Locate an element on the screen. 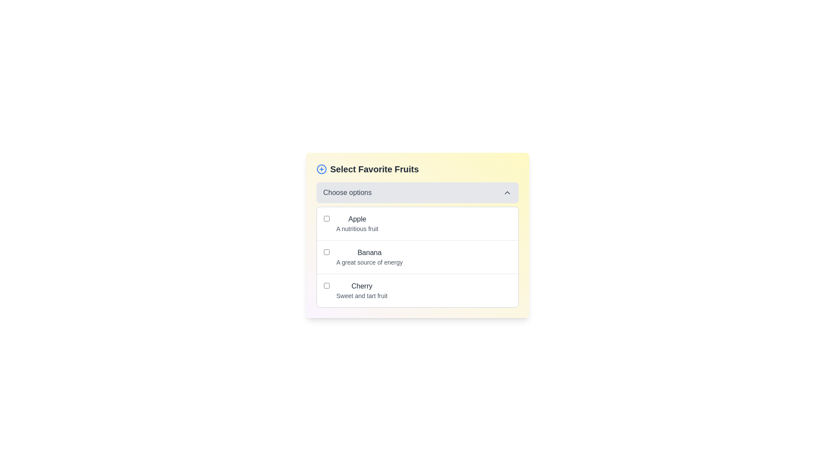 The width and height of the screenshot is (837, 470). the list item containing the checkbox with the title 'Banana' and subtitle 'A great source of energy' is located at coordinates (417, 256).